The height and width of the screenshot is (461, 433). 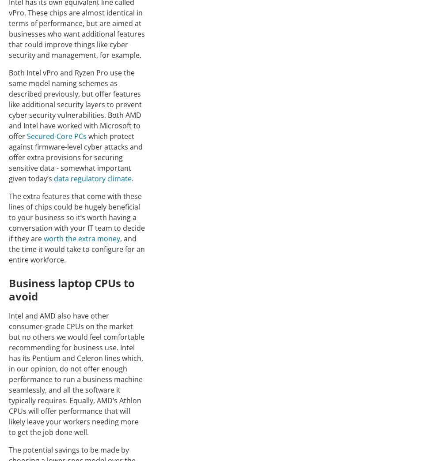 I want to click on 'Intel and AMD also have other consumer-grade CPUs on the market but no others we would feel comfortable recommending for business use. Intel has its Pentium and Celeron lines which, in our opinion, do not offer enough performance to run a business machine seamlessly, and all the software it typically requires. Equally, AMD’s Athlon CPUs will offer performance that will likely leave your workers needing more to get the job done well.', so click(x=76, y=373).